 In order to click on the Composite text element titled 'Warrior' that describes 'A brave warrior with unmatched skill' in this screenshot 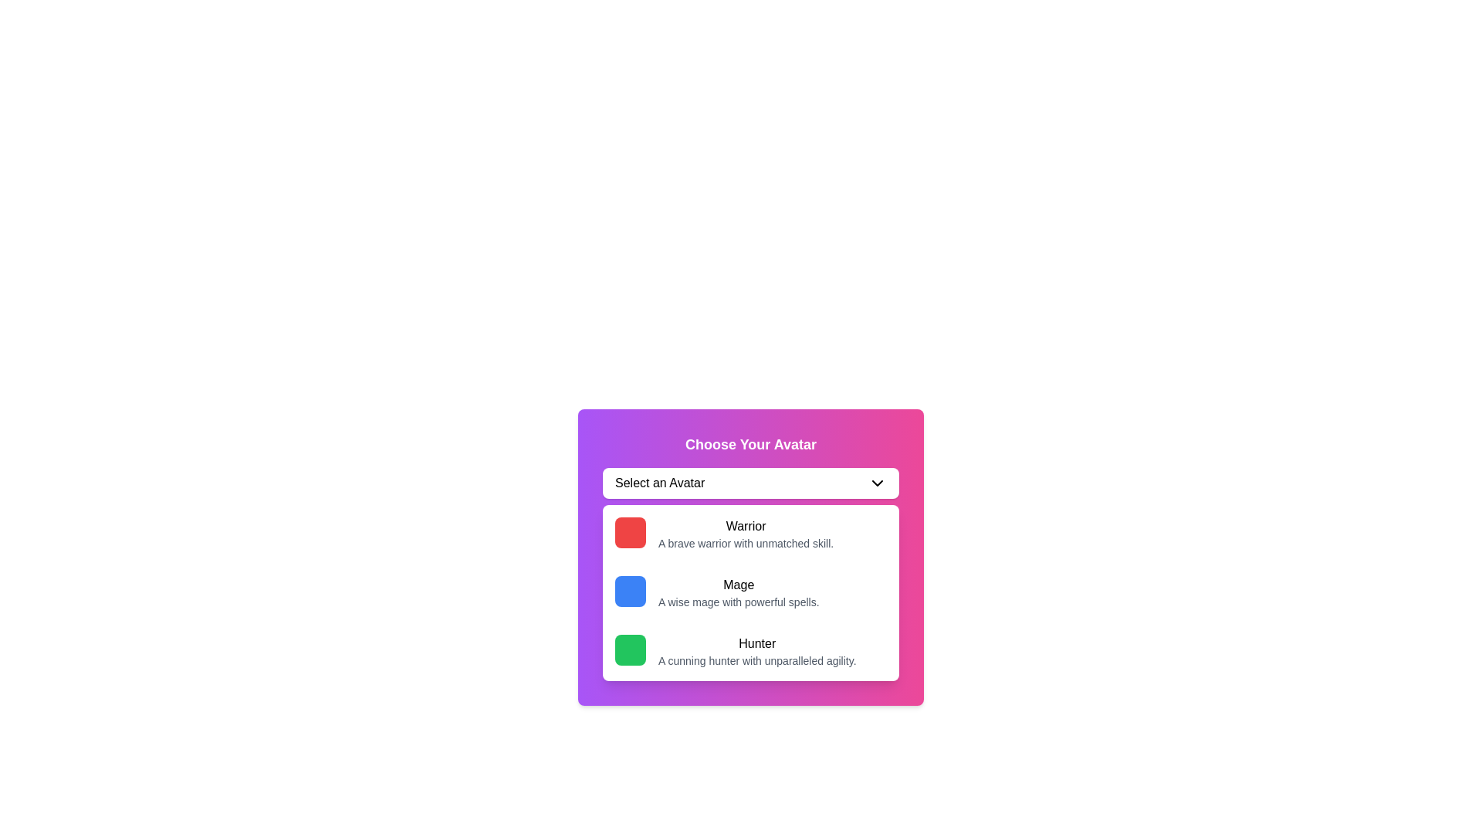, I will do `click(746, 533)`.